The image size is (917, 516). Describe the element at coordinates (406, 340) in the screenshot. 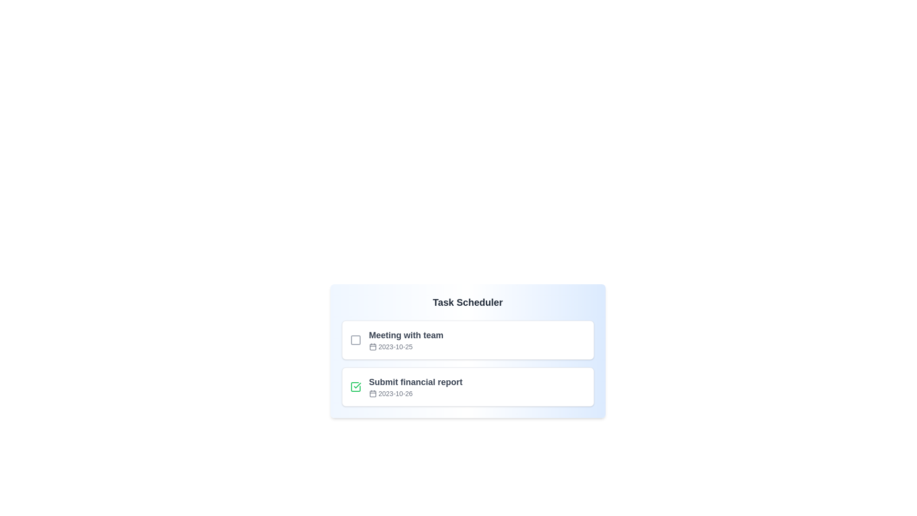

I see `the first task in the task scheduler` at that location.